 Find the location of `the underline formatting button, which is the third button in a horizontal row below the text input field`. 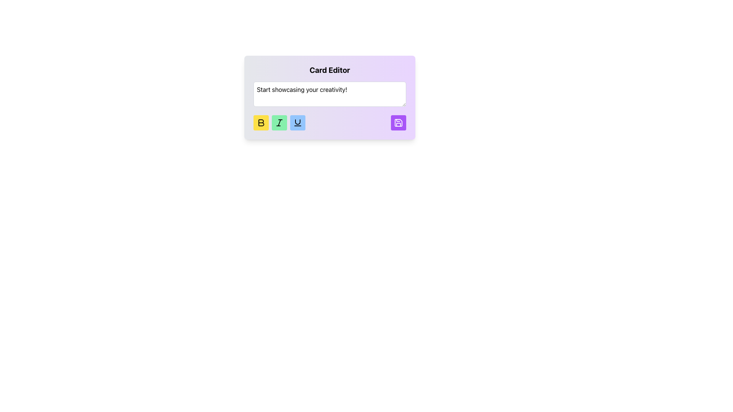

the underline formatting button, which is the third button in a horizontal row below the text input field is located at coordinates (297, 122).